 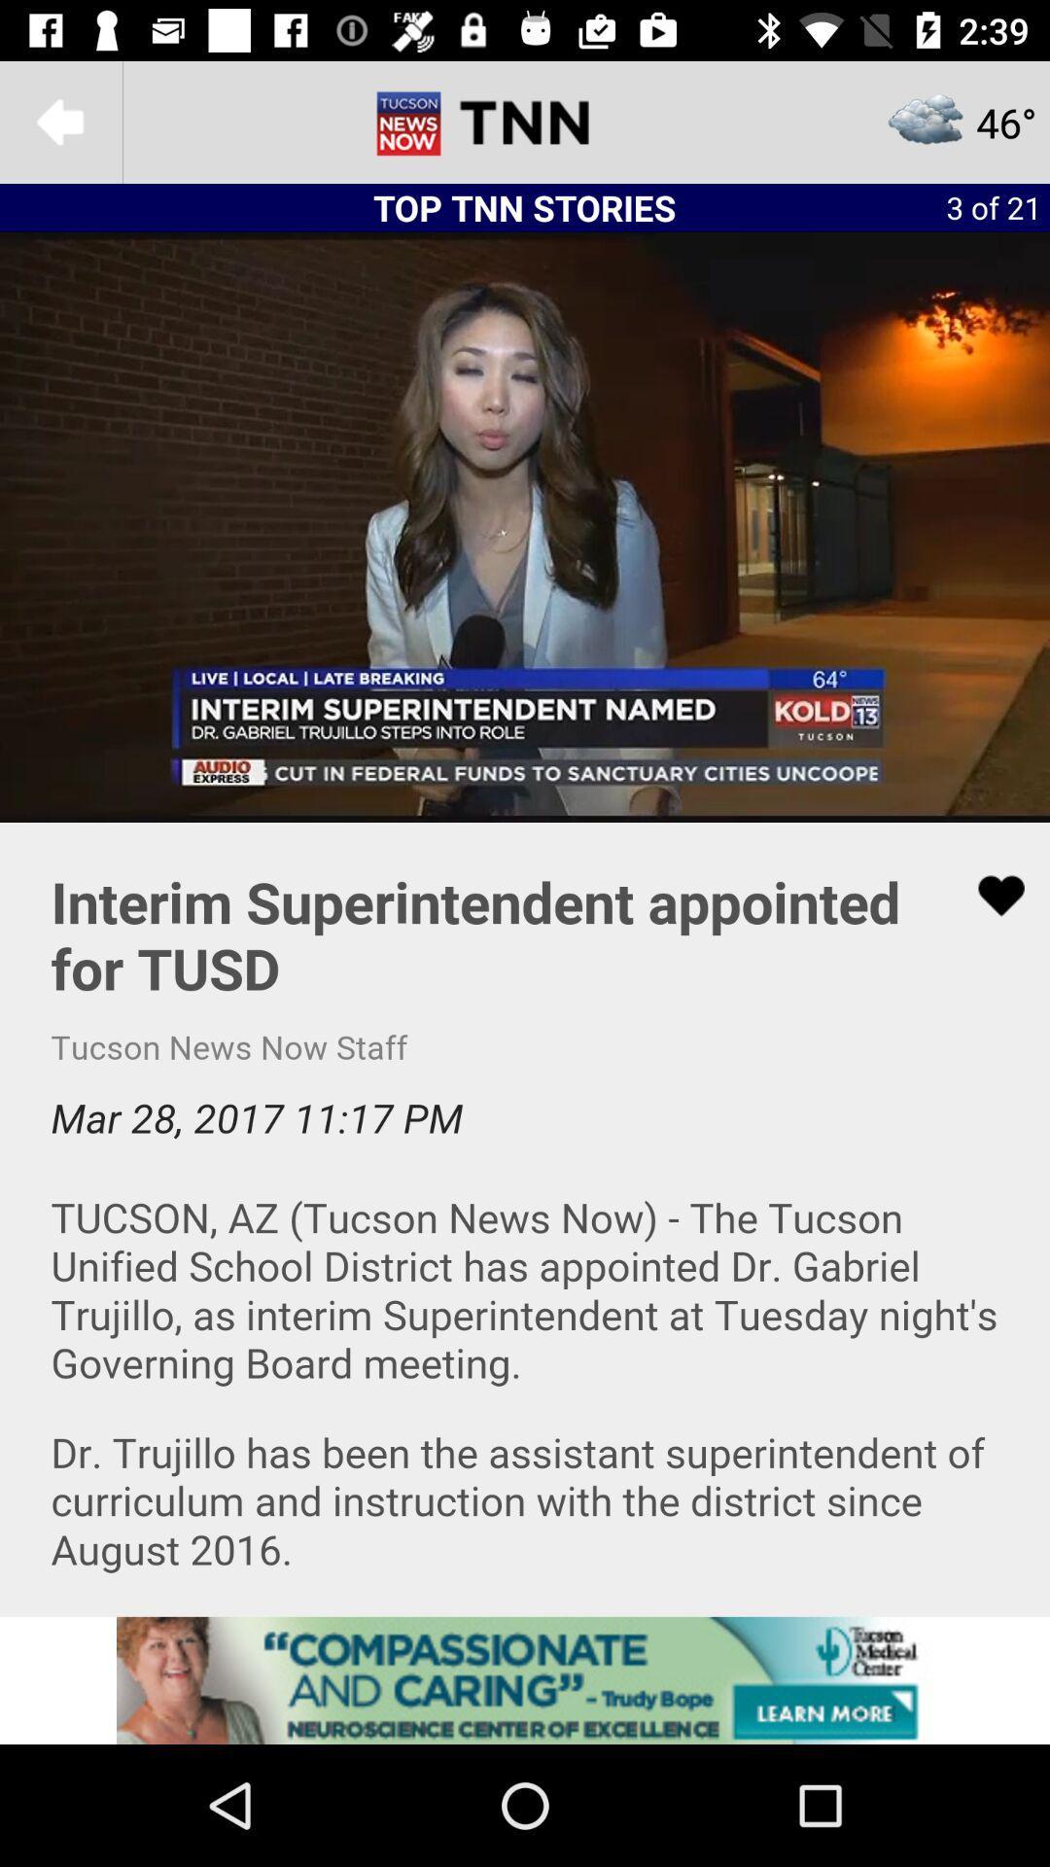 What do you see at coordinates (989, 895) in the screenshot?
I see `the favorite icon` at bounding box center [989, 895].